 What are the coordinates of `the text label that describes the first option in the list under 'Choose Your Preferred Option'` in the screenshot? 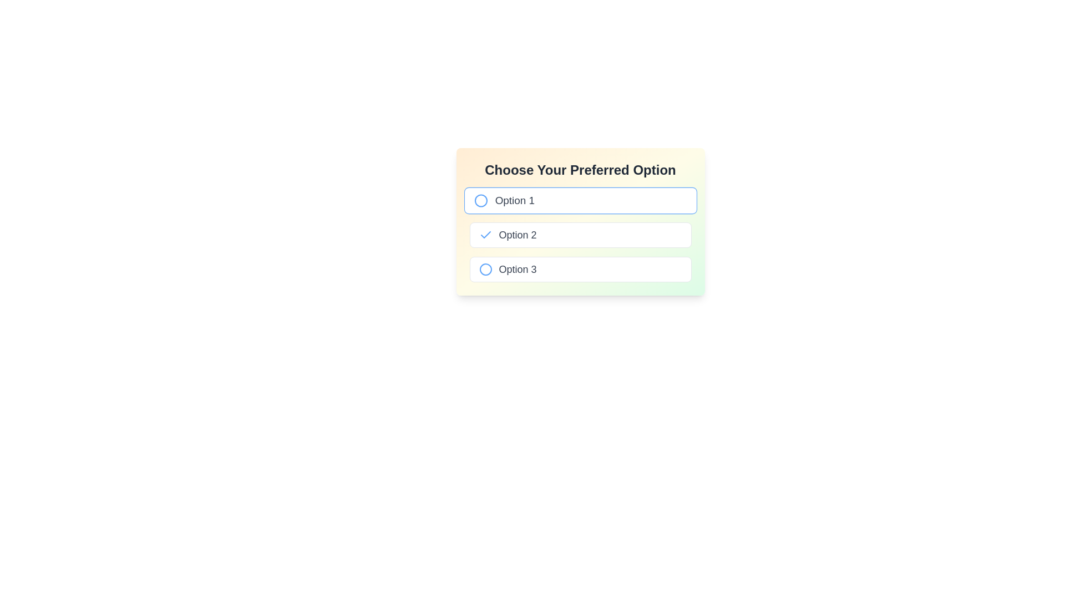 It's located at (514, 201).